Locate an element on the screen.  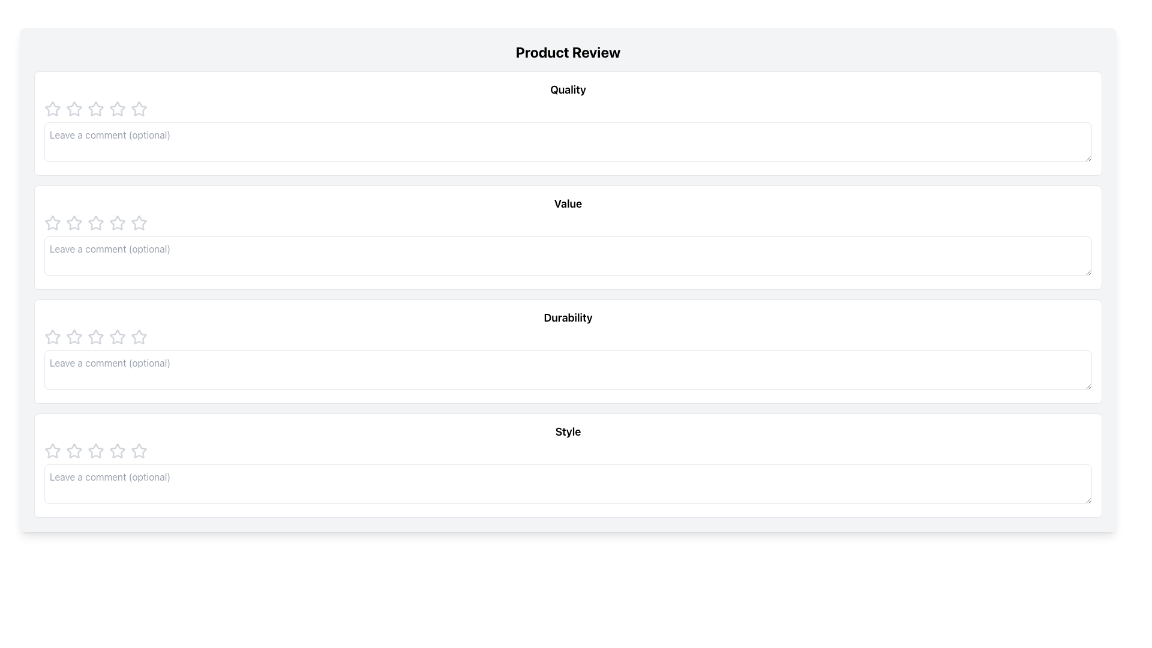
the first star in the Durability rating category is located at coordinates (74, 337).